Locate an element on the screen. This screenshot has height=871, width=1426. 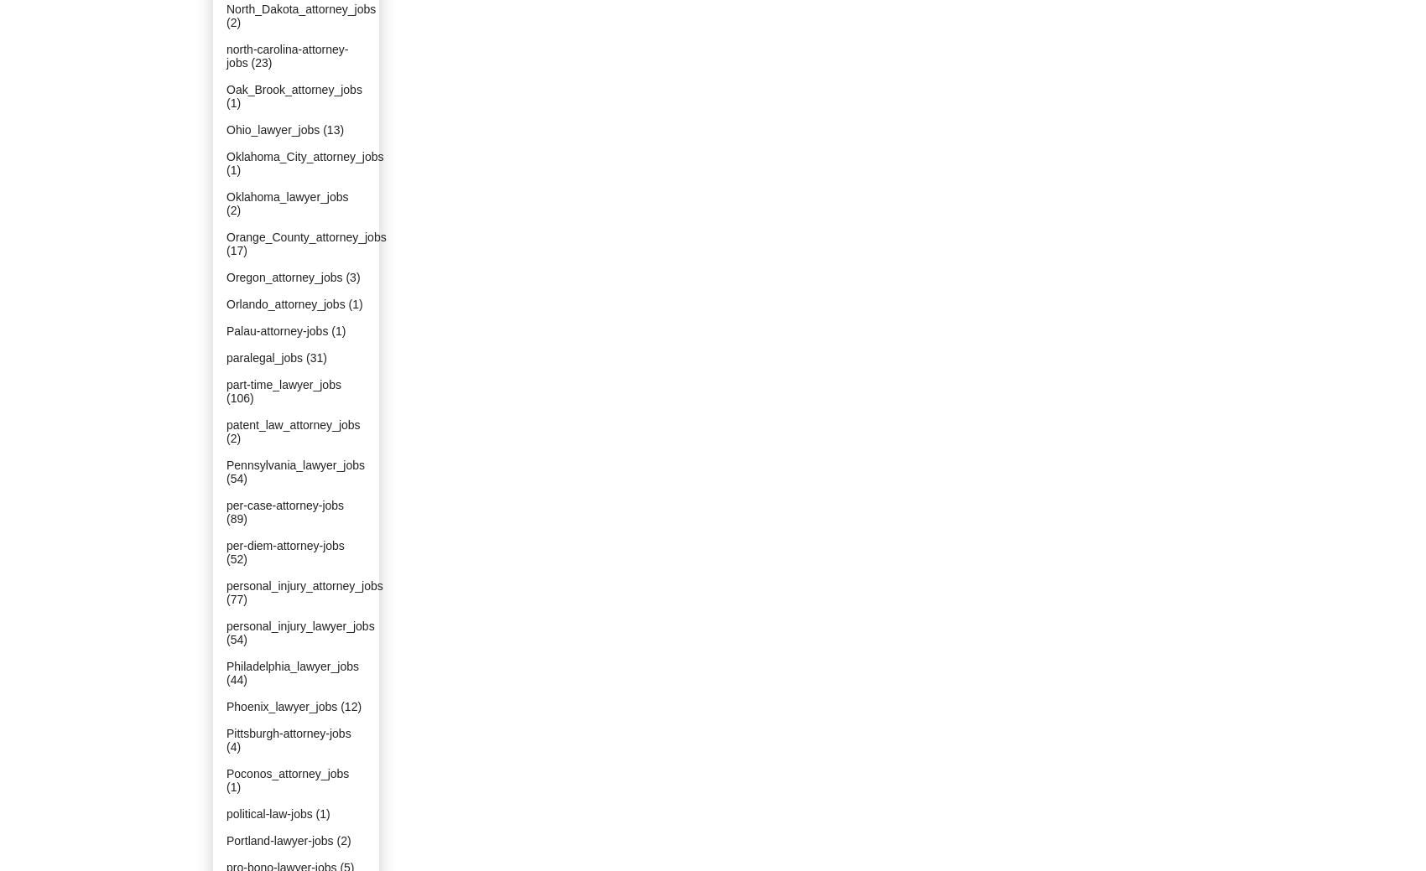
'part-time_lawyer_jobs' is located at coordinates (282, 384).